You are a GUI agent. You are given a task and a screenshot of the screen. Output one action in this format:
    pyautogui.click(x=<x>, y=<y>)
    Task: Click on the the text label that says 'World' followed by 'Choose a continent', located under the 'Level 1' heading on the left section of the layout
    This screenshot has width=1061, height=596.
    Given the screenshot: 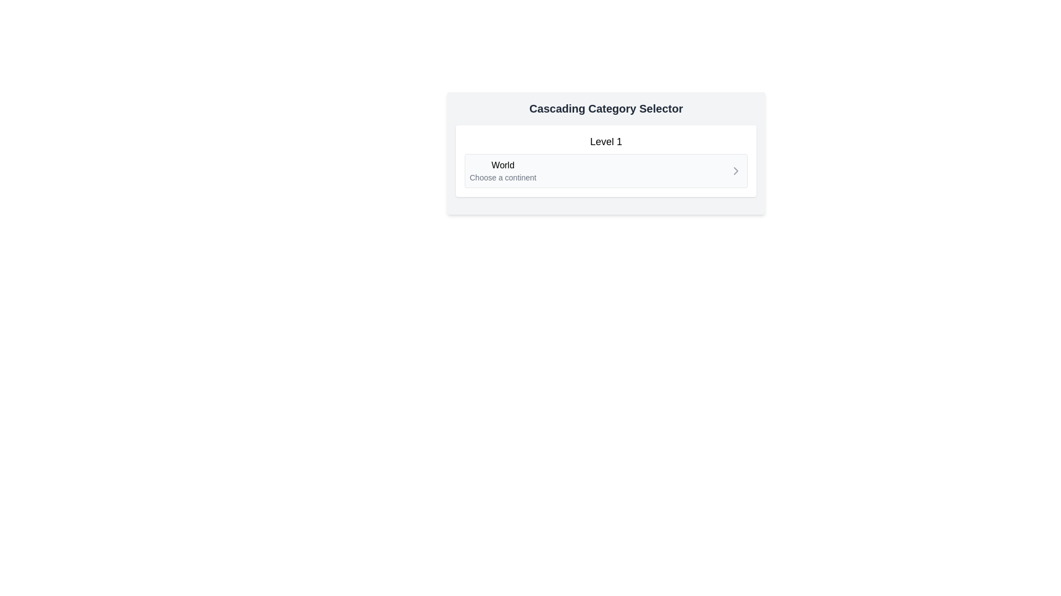 What is the action you would take?
    pyautogui.click(x=502, y=171)
    